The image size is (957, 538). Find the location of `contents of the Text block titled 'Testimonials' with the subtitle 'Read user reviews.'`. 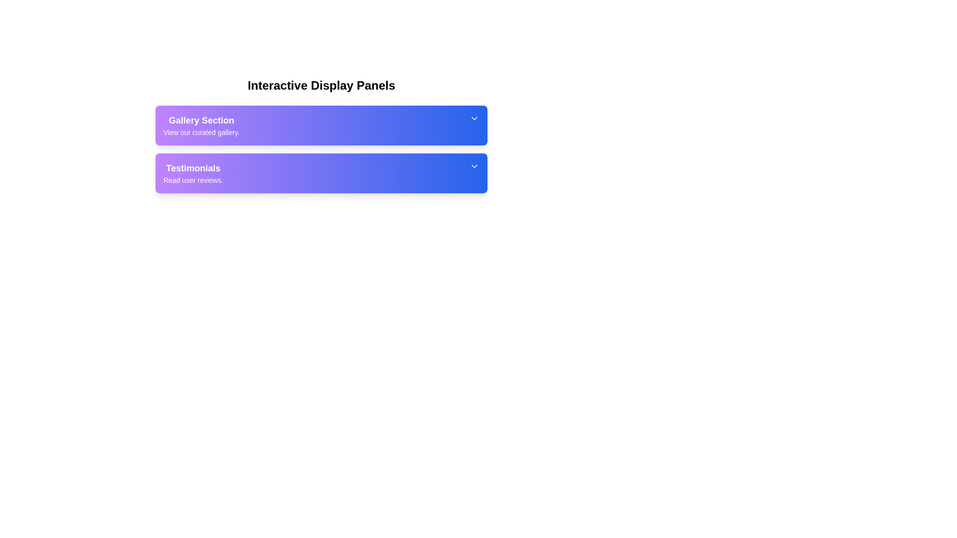

contents of the Text block titled 'Testimonials' with the subtitle 'Read user reviews.' is located at coordinates (193, 172).